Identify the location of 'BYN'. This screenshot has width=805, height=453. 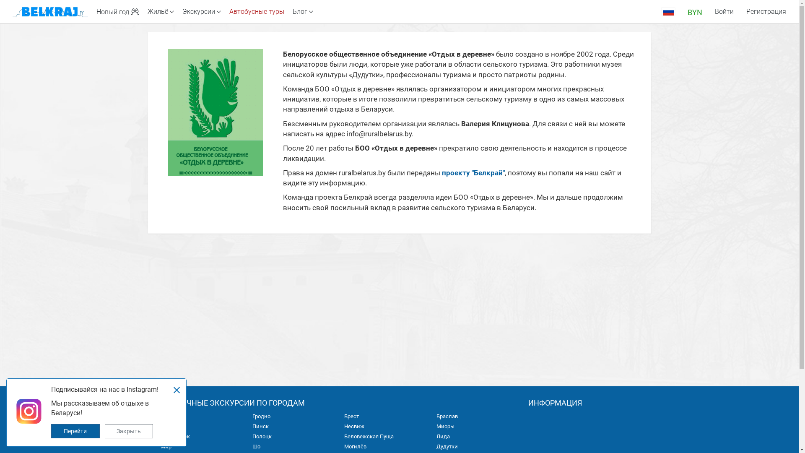
(695, 11).